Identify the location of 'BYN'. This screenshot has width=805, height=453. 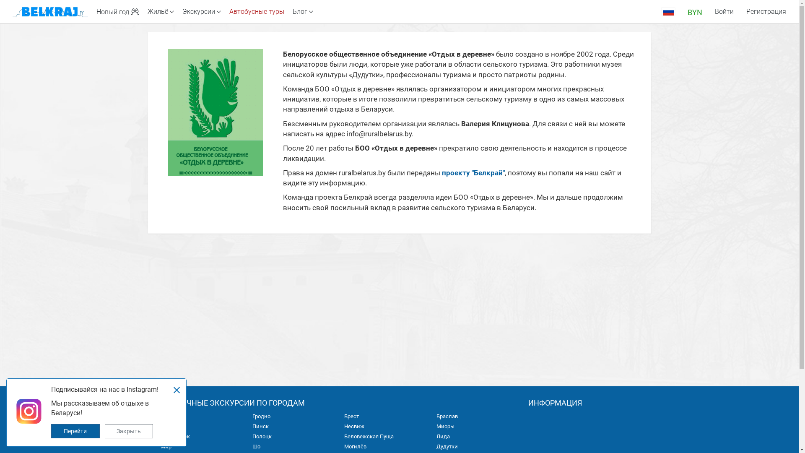
(695, 11).